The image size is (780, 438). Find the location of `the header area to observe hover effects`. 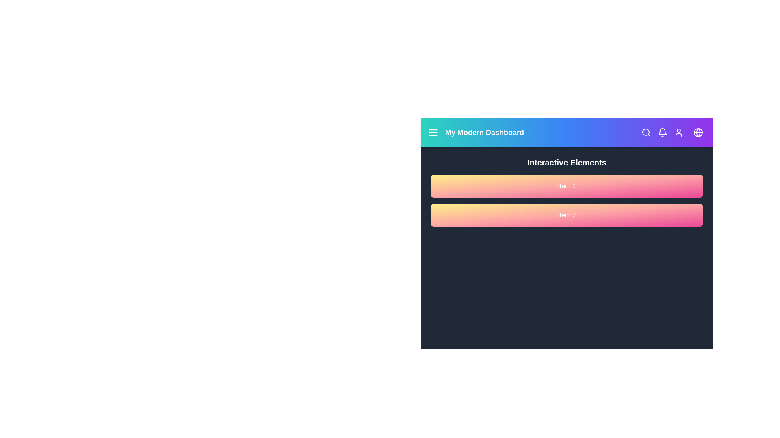

the header area to observe hover effects is located at coordinates (566, 132).